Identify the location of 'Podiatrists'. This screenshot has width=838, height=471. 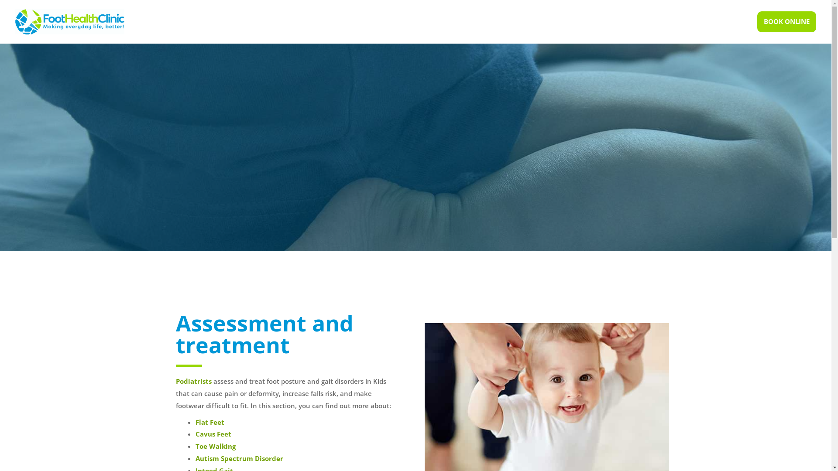
(175, 381).